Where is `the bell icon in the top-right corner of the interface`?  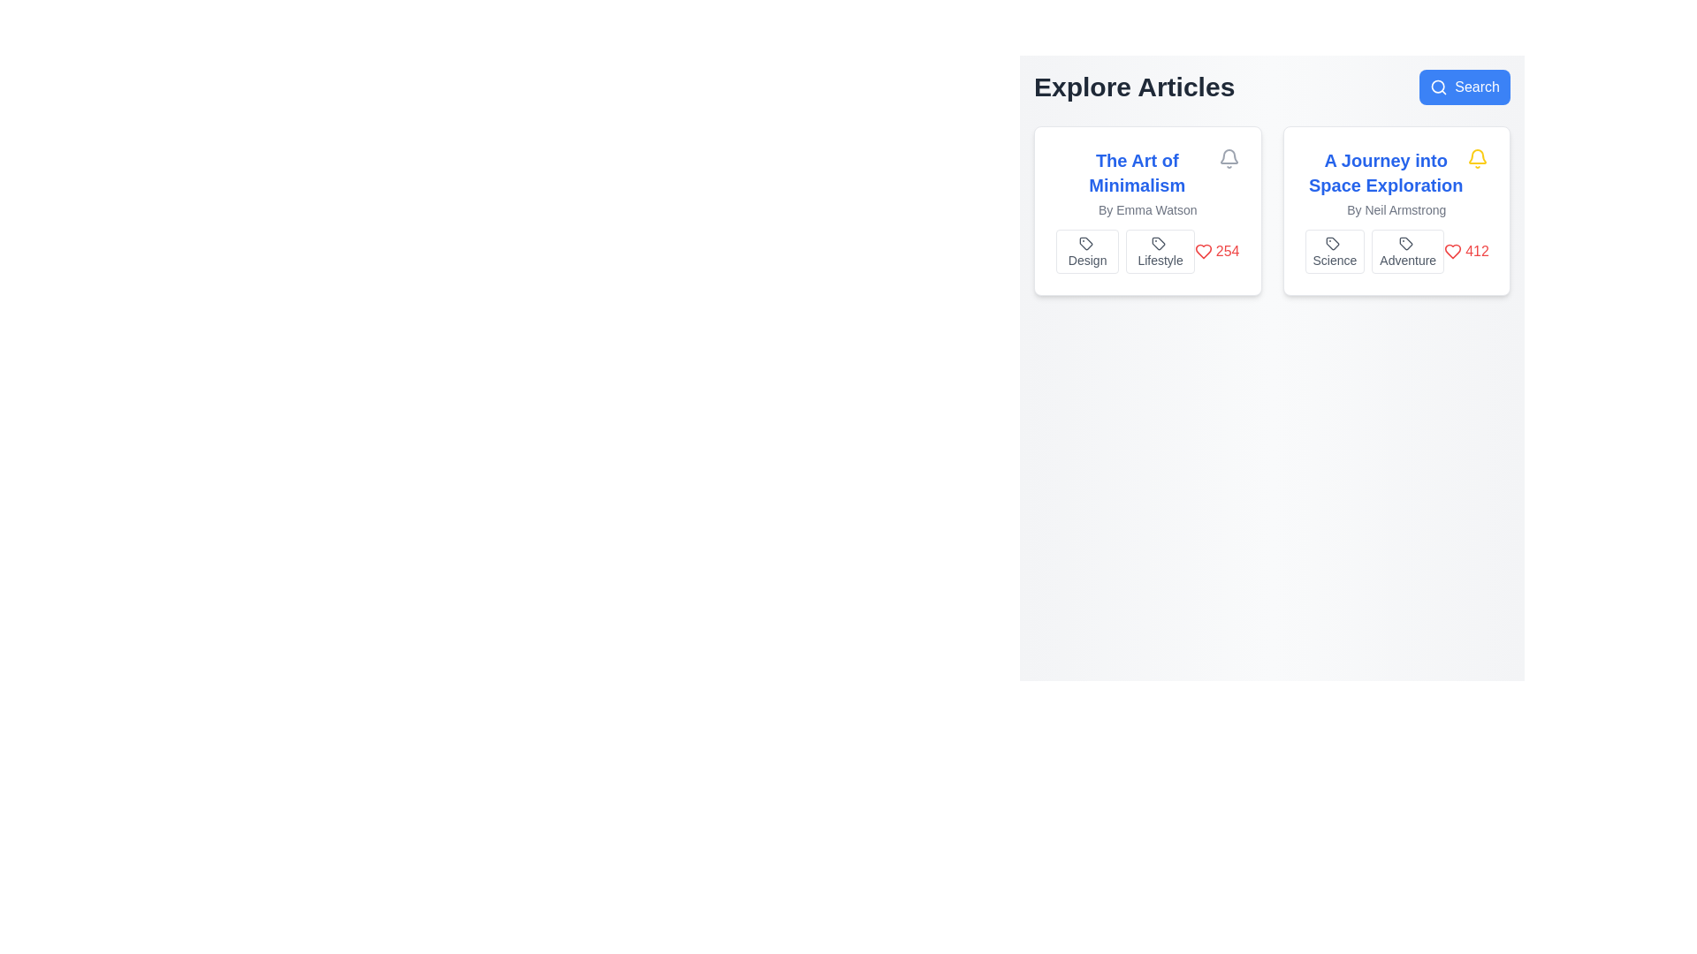
the bell icon in the top-right corner of the interface is located at coordinates (1228, 155).